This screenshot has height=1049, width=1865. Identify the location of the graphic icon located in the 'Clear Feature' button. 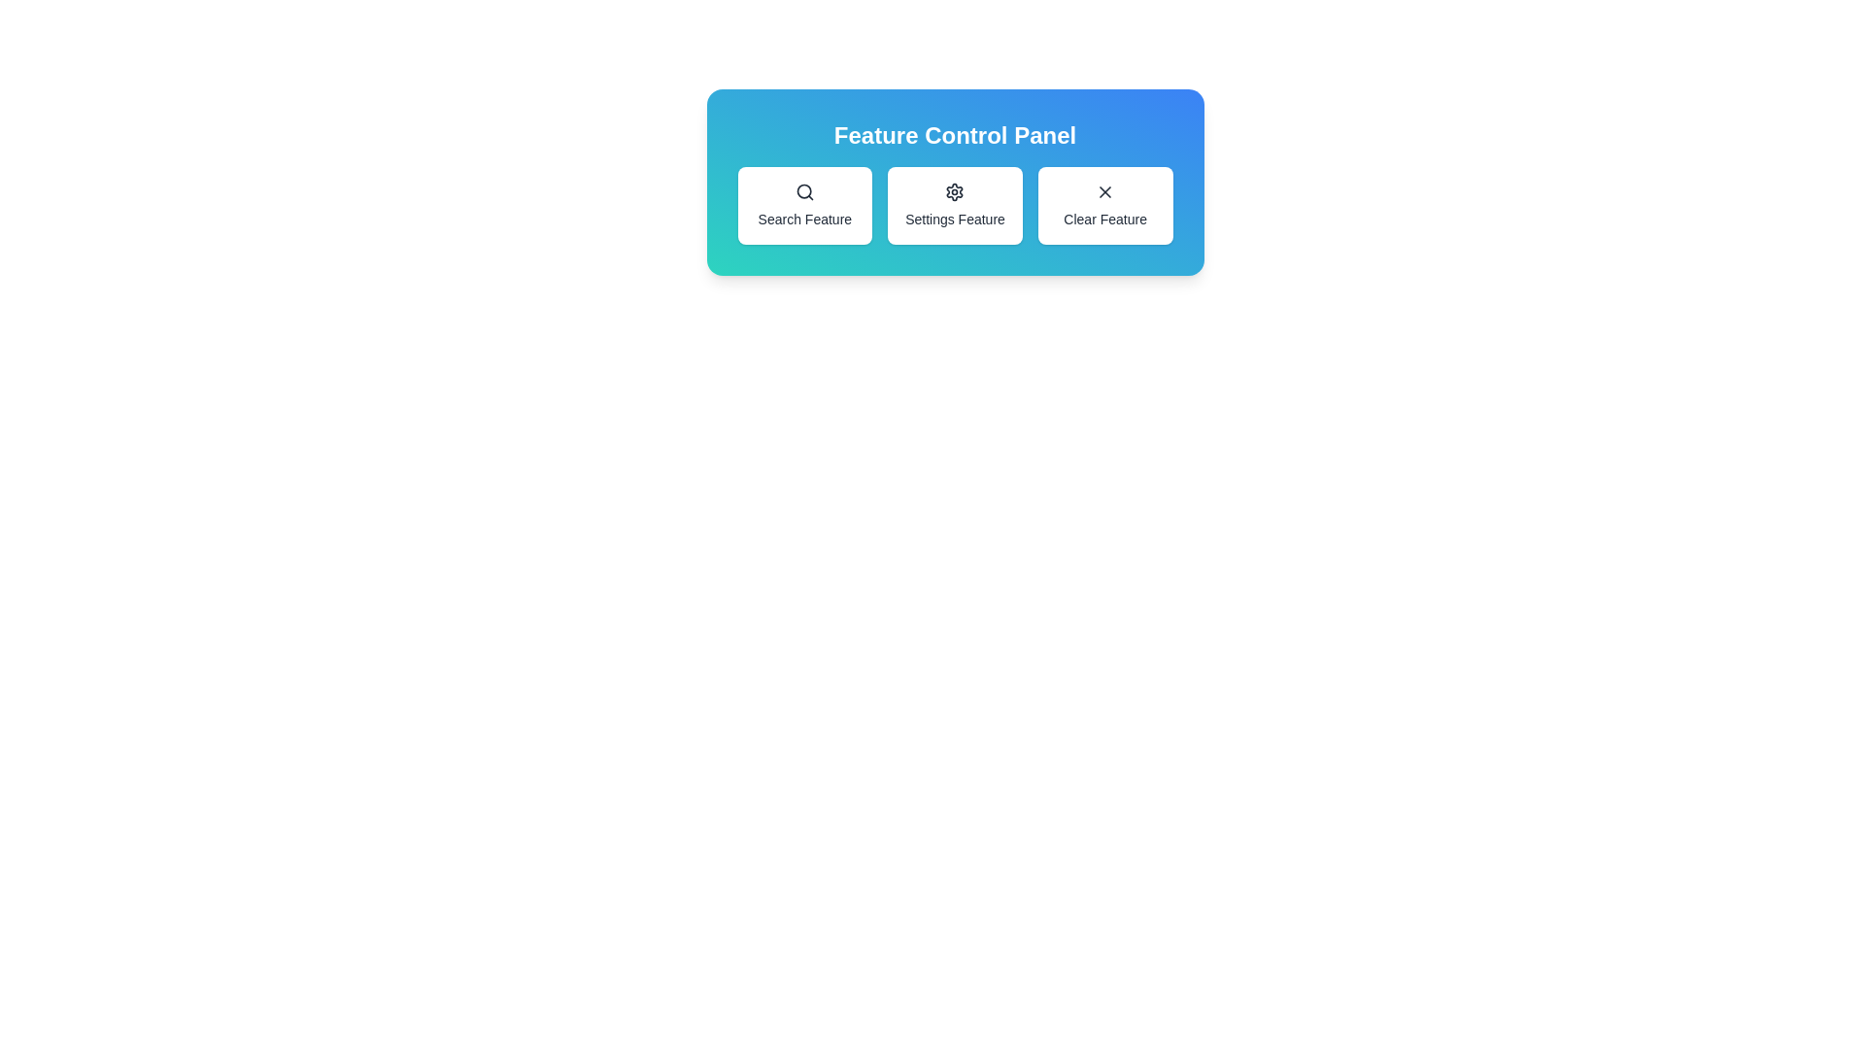
(1105, 191).